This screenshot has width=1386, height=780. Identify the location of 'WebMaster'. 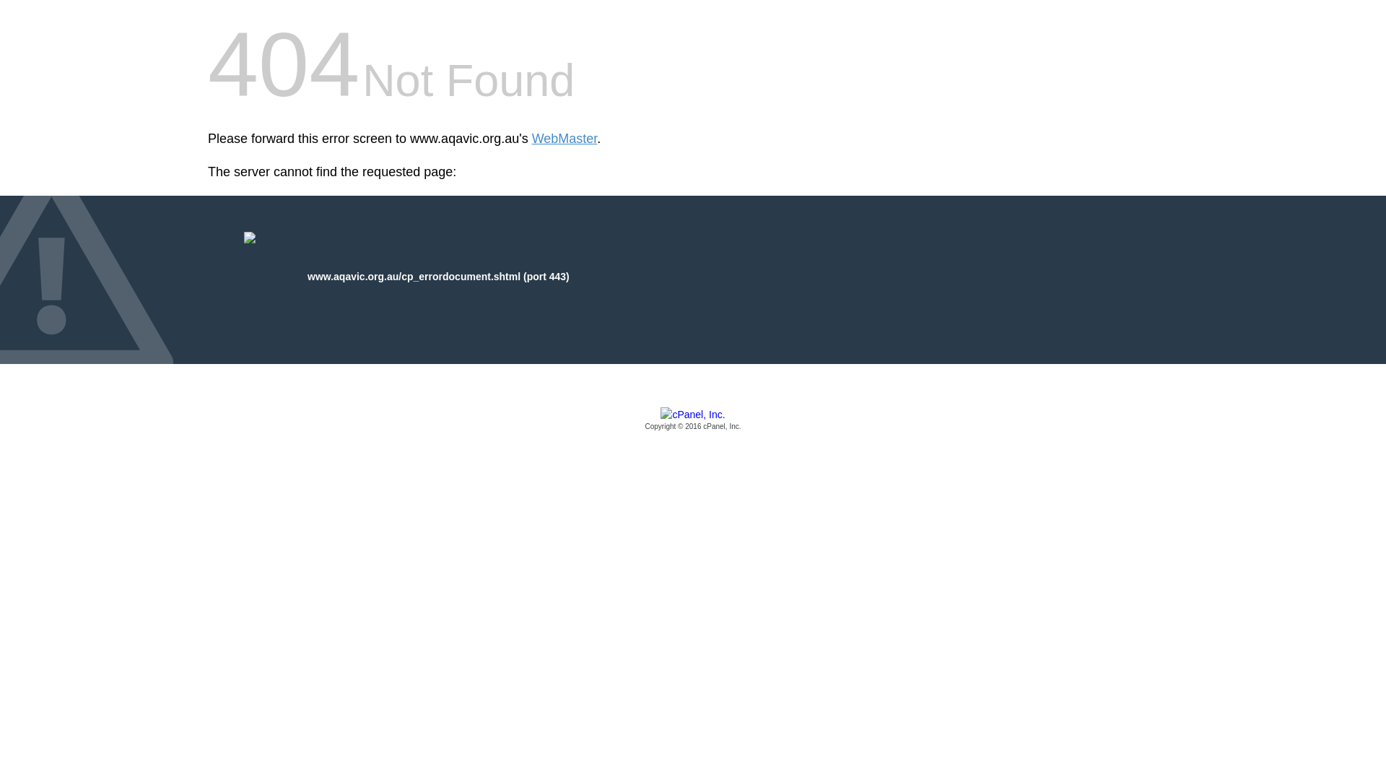
(564, 139).